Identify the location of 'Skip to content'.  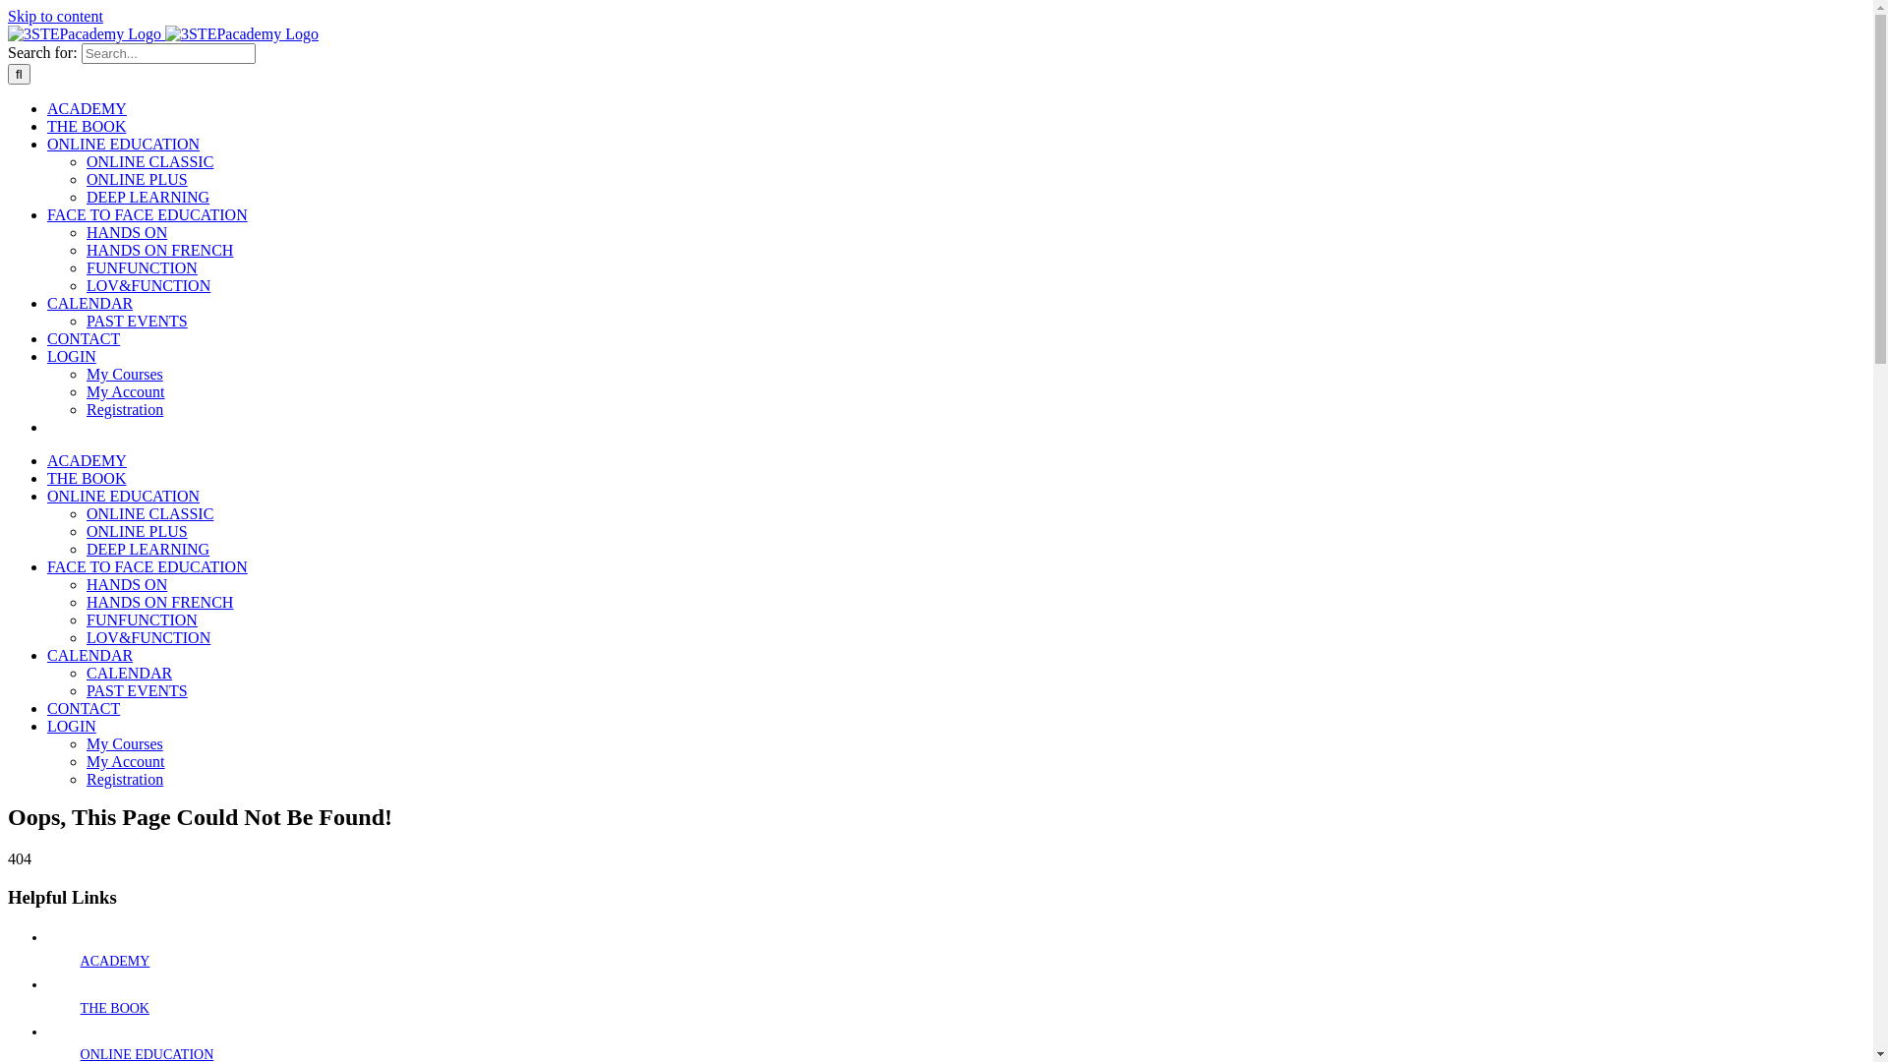
(8, 16).